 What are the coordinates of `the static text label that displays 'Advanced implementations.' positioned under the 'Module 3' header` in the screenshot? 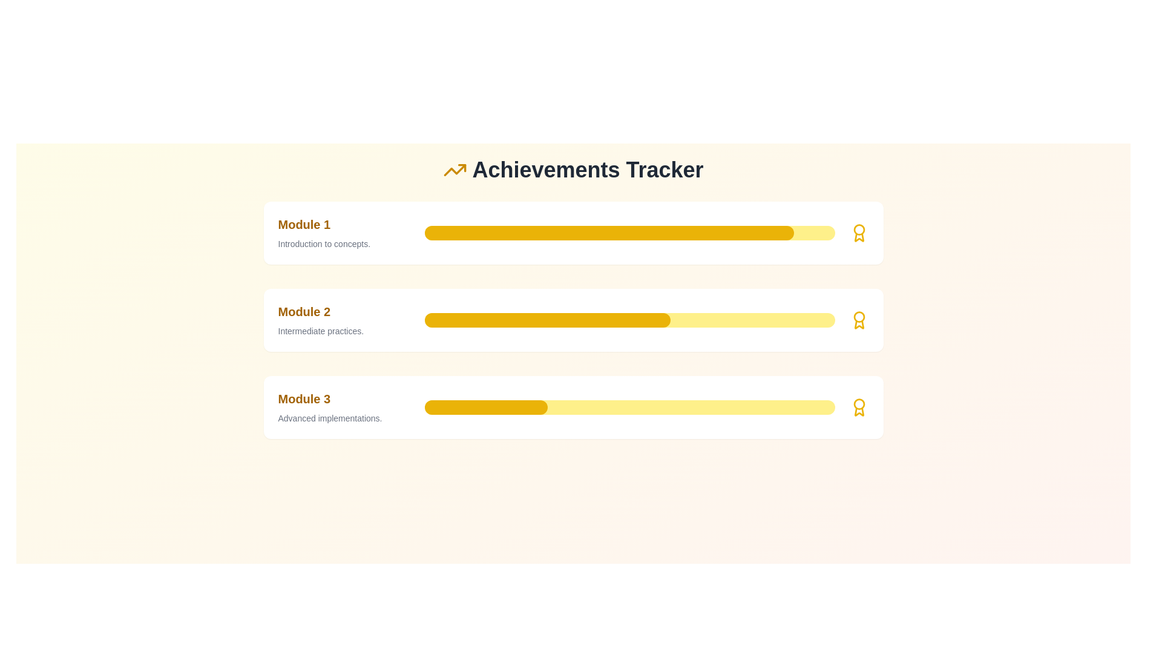 It's located at (346, 417).